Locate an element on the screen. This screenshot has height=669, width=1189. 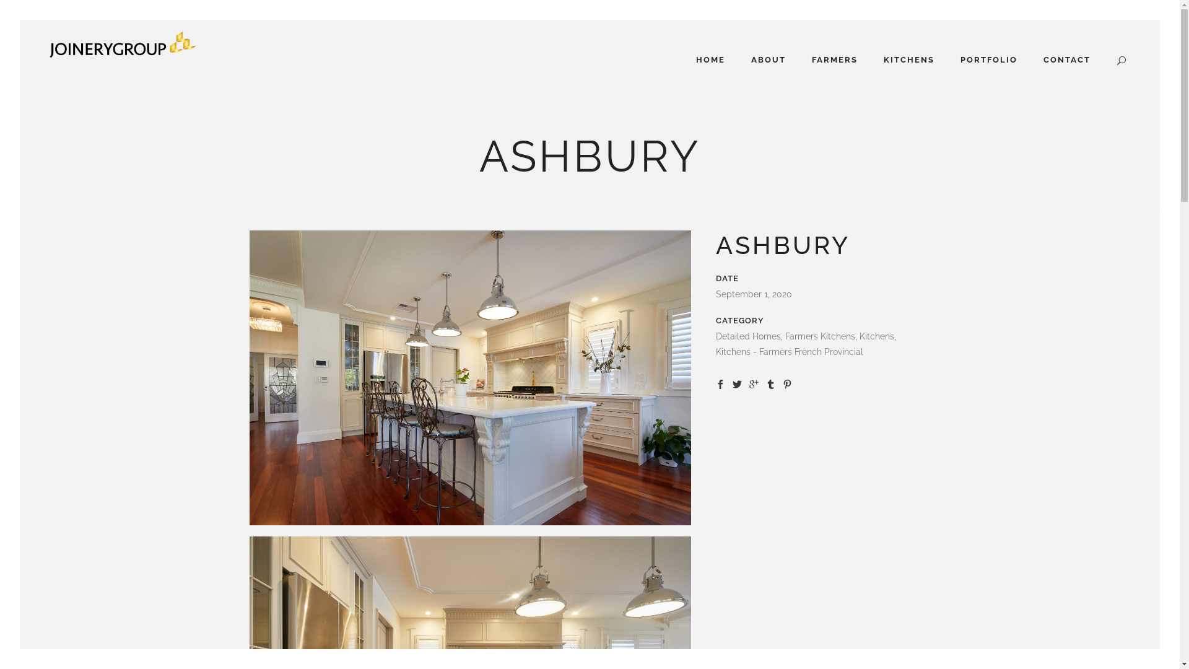
'U' is located at coordinates (799, 336).